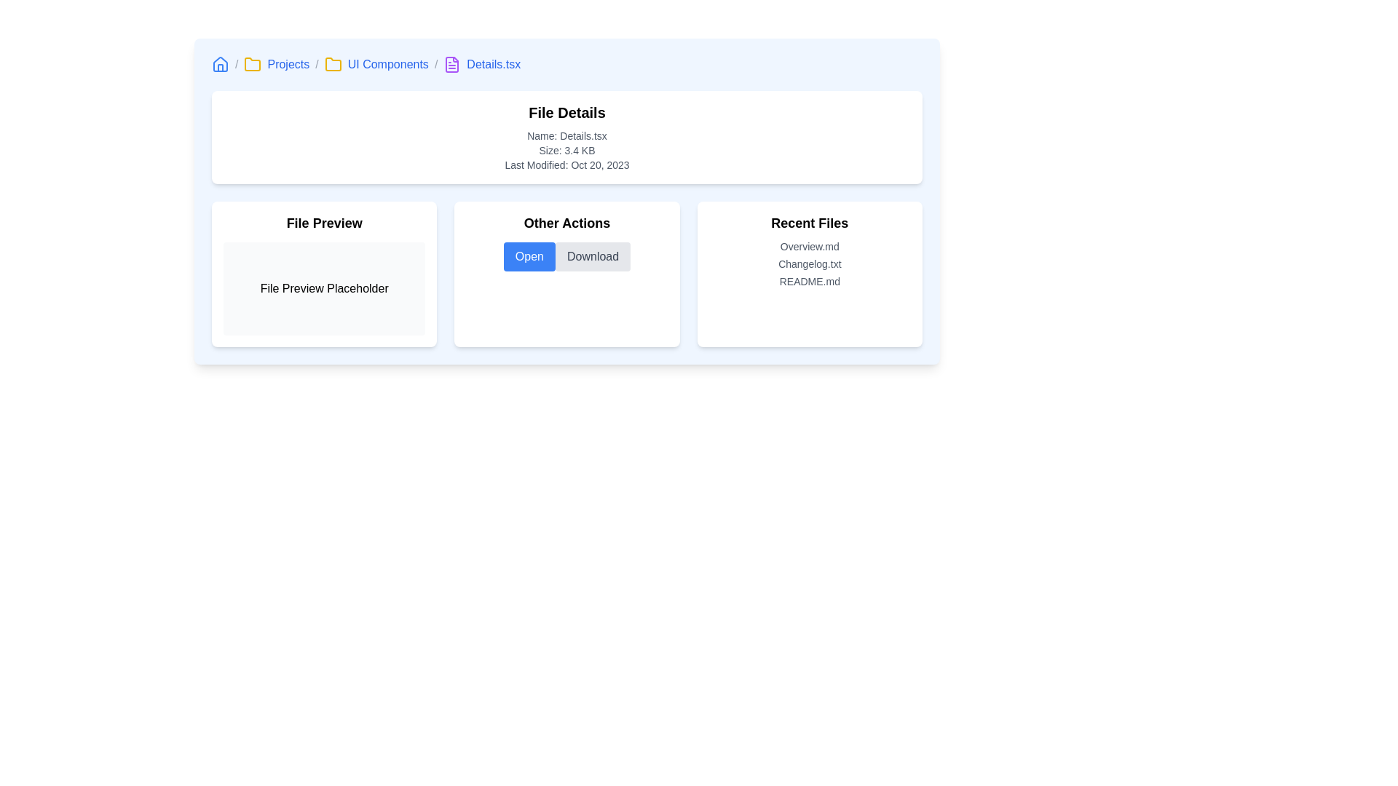  What do you see at coordinates (566, 151) in the screenshot?
I see `the text label displaying 'Size: 3.4 KB' located under the 'File Details' section, which is the third element among its siblings` at bounding box center [566, 151].